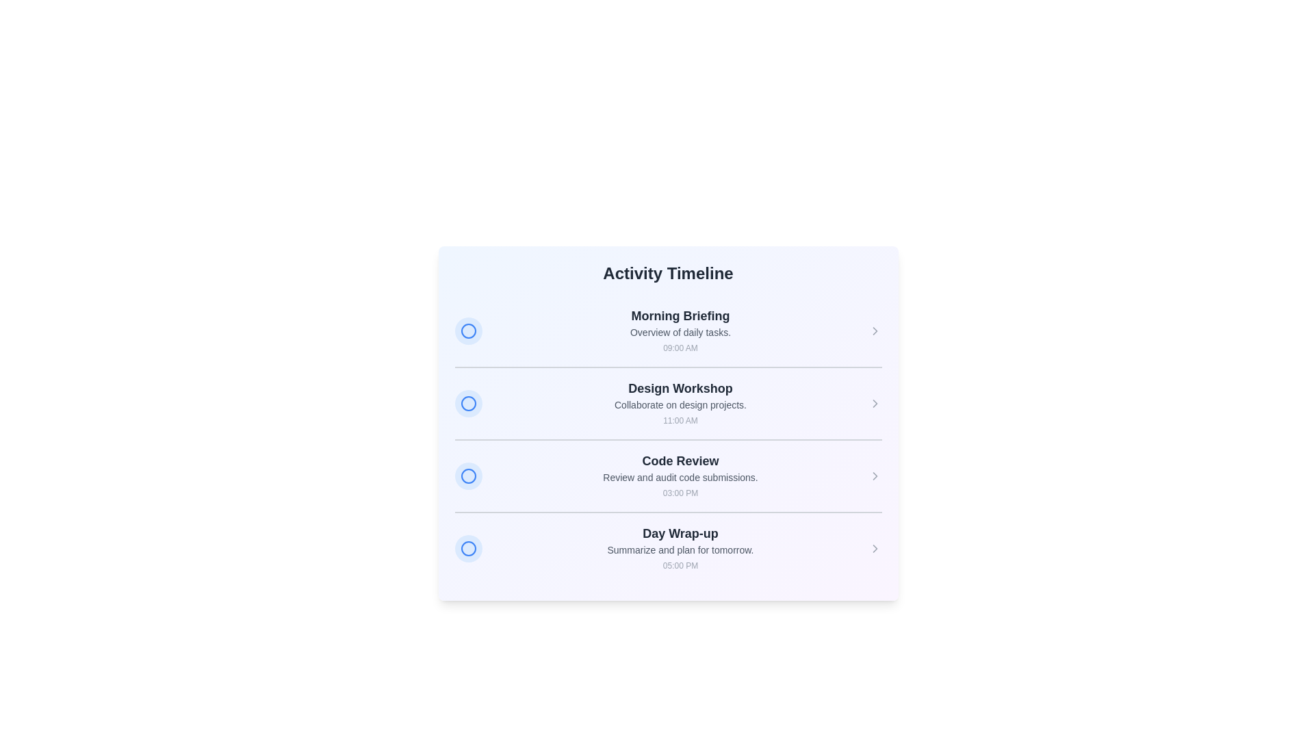 Image resolution: width=1314 pixels, height=739 pixels. Describe the element at coordinates (468, 403) in the screenshot. I see `the SVG Circle Component associated with the 'Design Workshop' entry in the second row of the activity timeline` at that location.